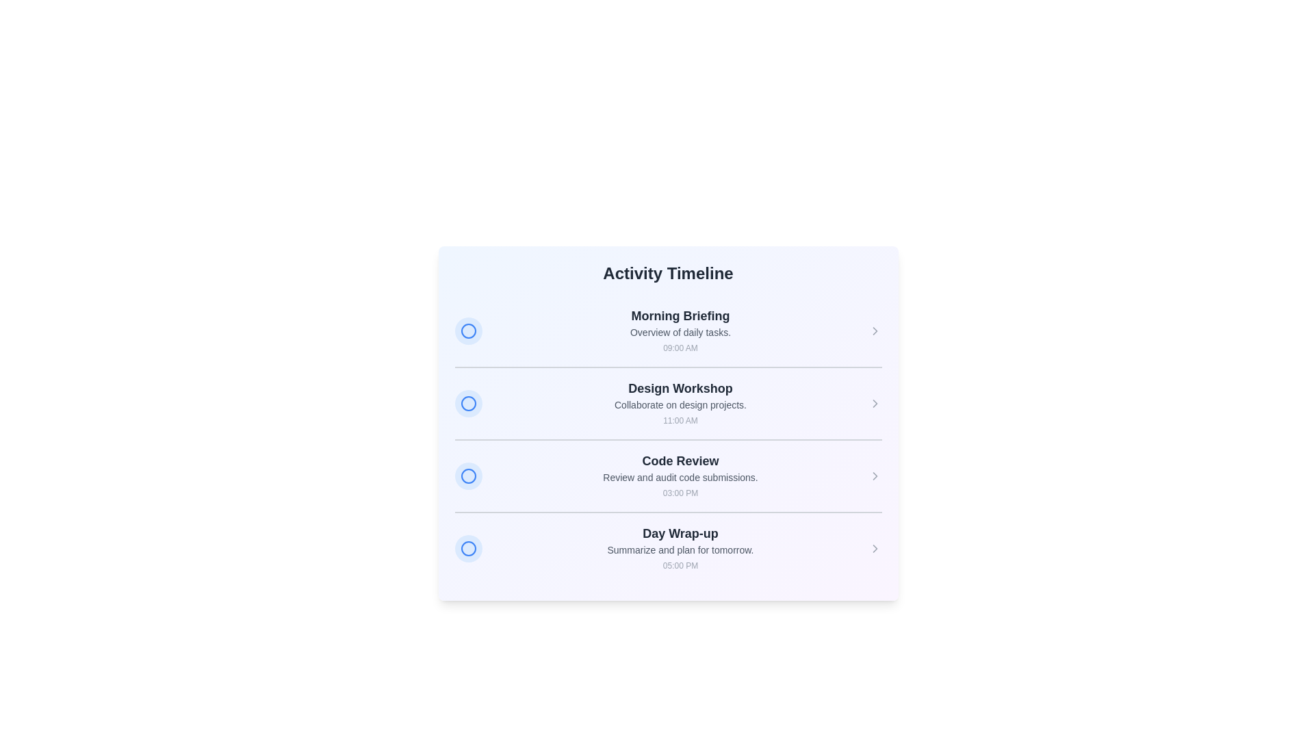 Image resolution: width=1314 pixels, height=739 pixels. Describe the element at coordinates (468, 403) in the screenshot. I see `the SVG Circle Component associated with the 'Design Workshop' entry in the second row of the activity timeline` at that location.